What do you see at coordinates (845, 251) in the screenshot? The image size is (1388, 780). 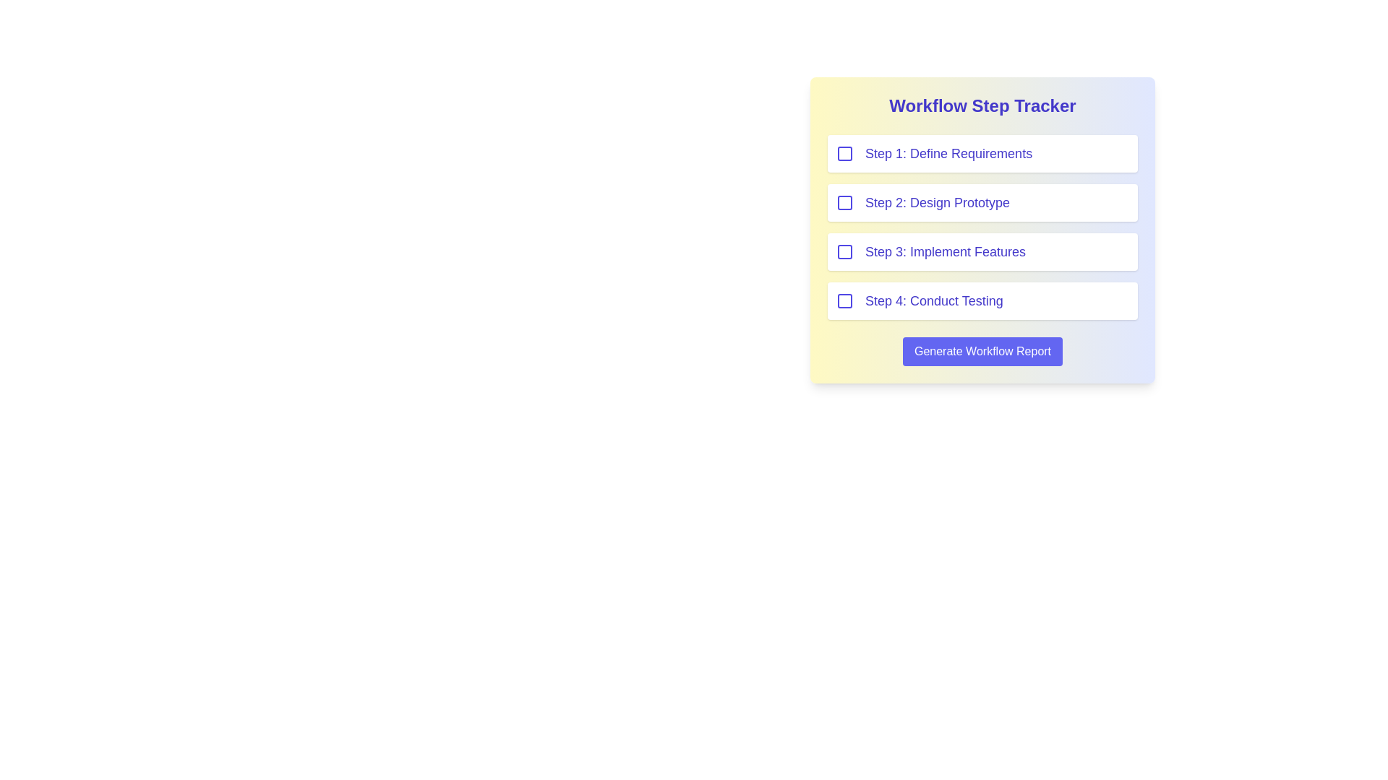 I see `the indigo styled checkbox located next to 'Step 3: Implement Features'` at bounding box center [845, 251].